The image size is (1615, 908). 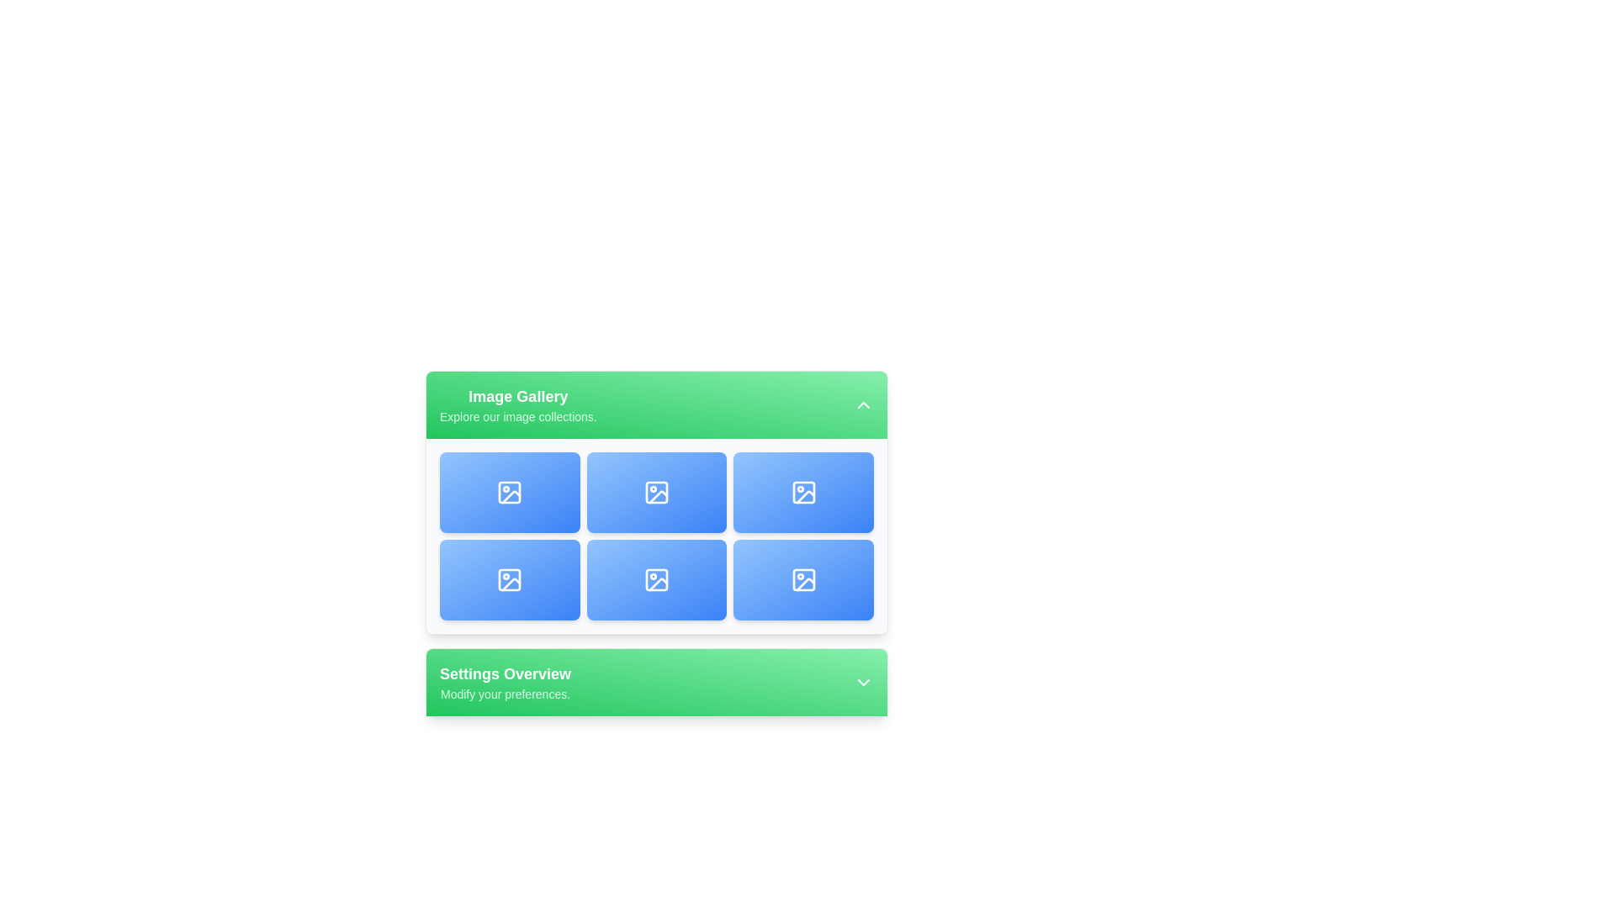 I want to click on the blue rectangular card with a picture frame icon located in the bottom-right corner of the 'Image Gallery' section, so click(x=802, y=579).